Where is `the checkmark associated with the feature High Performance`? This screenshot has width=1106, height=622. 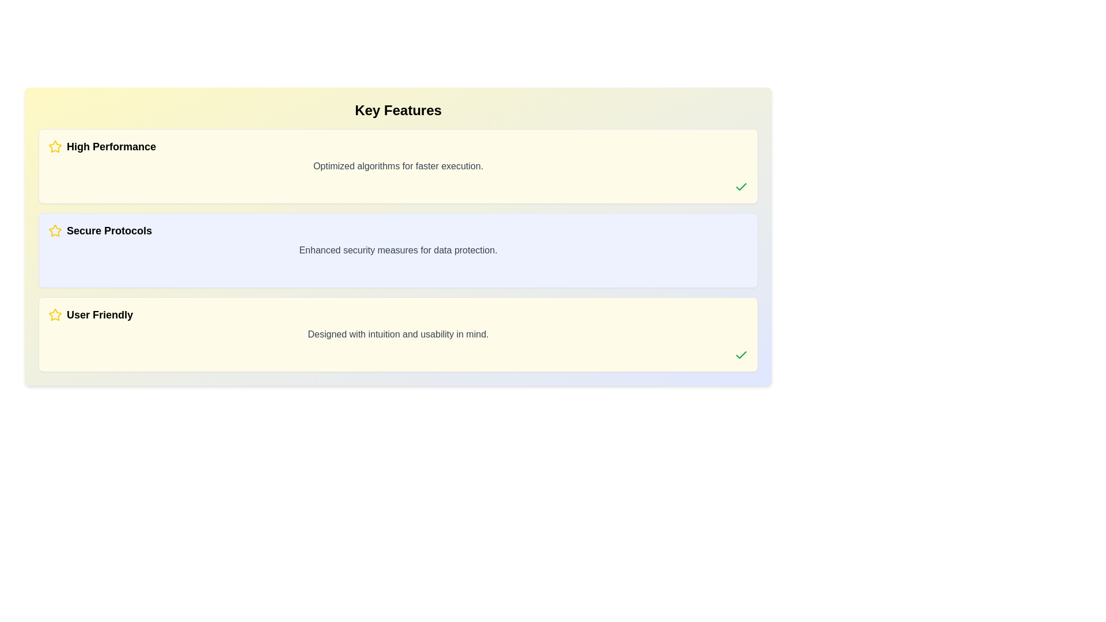 the checkmark associated with the feature High Performance is located at coordinates (741, 186).